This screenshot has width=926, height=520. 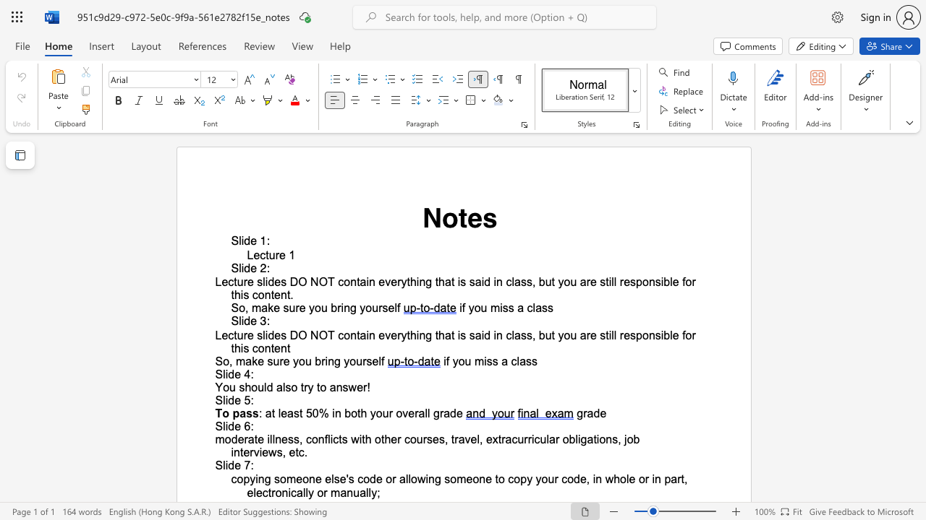 I want to click on the space between the continuous character "e" and "t" in the text, so click(x=294, y=451).